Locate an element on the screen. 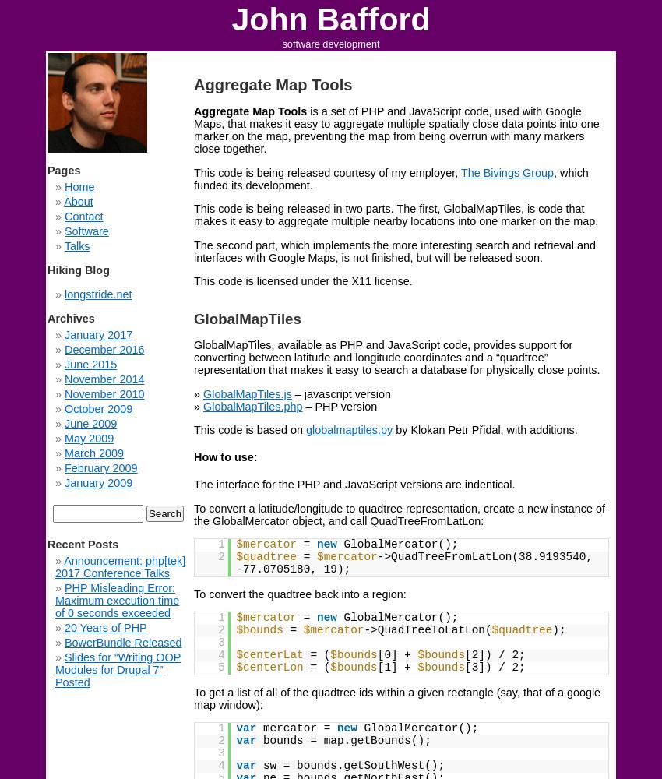 The height and width of the screenshot is (779, 662). 'January 2009' is located at coordinates (64, 482).